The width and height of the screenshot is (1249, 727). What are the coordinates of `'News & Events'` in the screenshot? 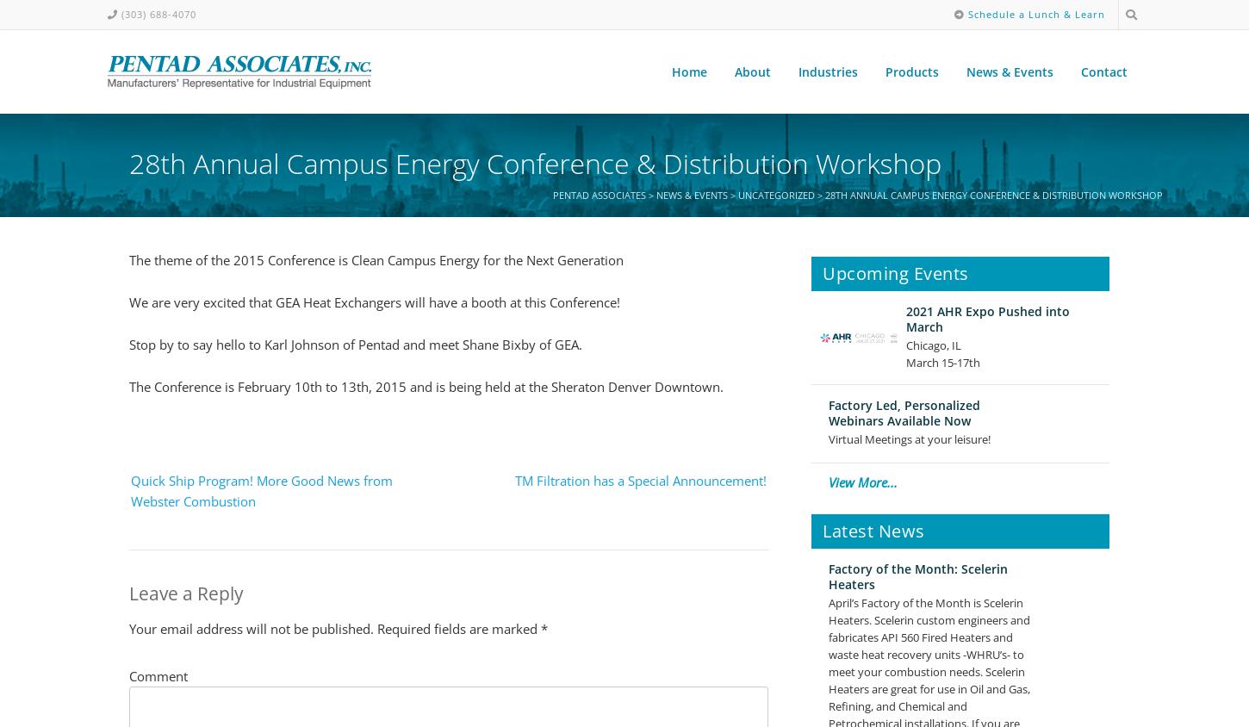 It's located at (1009, 71).